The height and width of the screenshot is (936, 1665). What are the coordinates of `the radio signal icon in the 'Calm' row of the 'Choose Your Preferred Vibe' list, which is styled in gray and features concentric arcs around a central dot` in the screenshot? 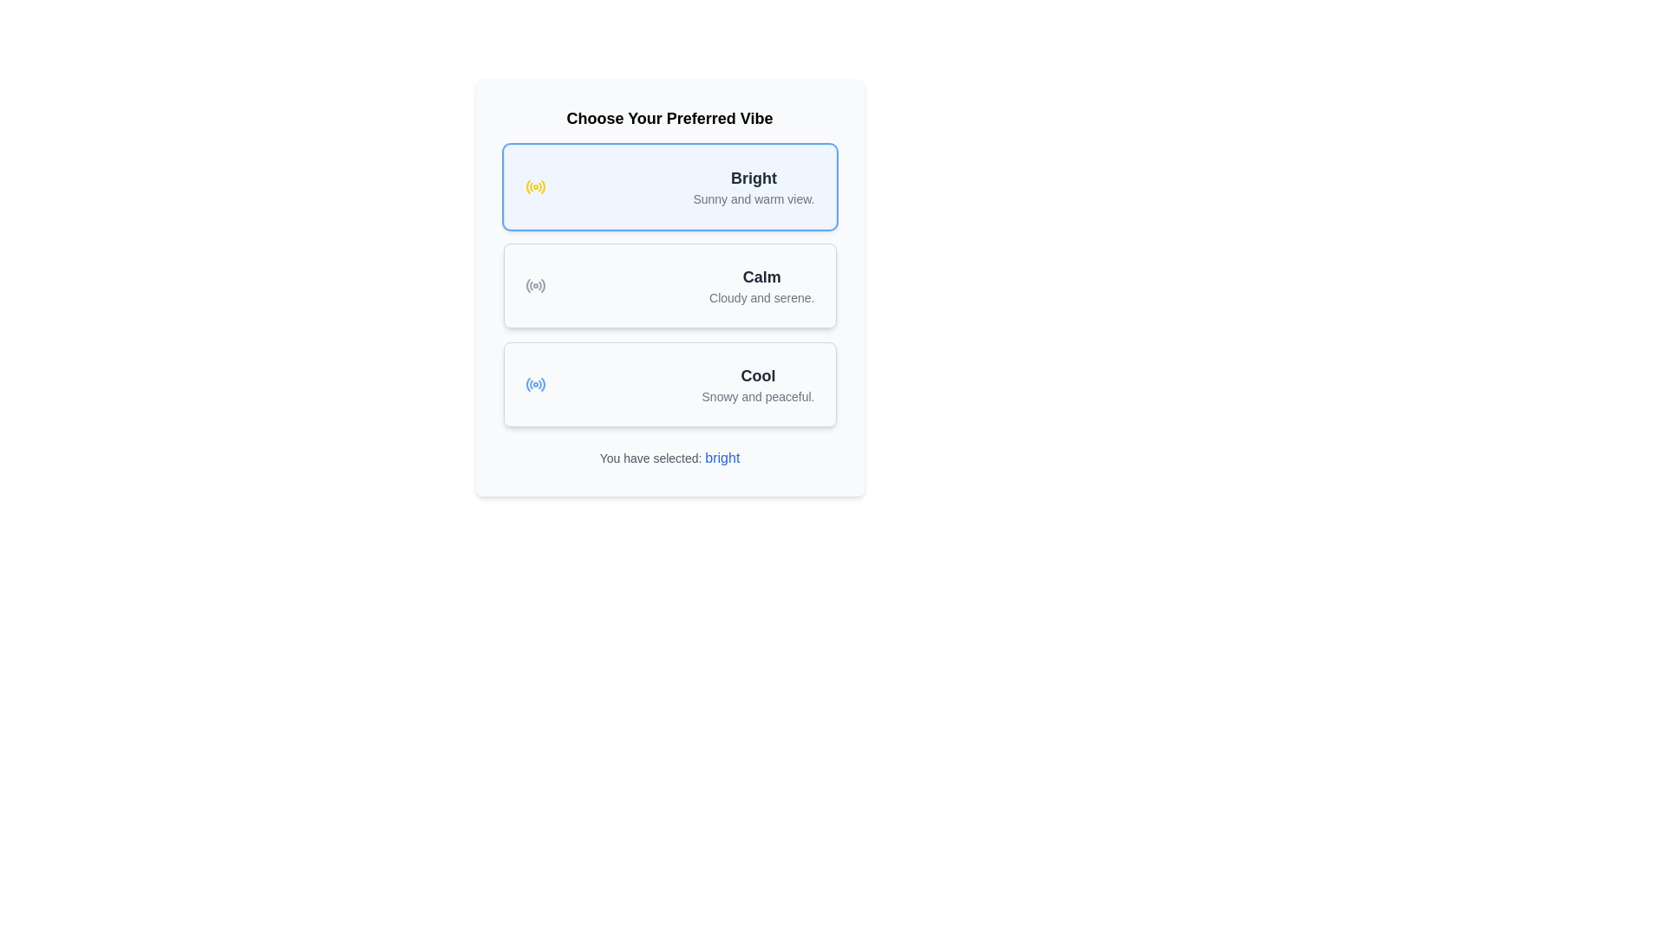 It's located at (534, 285).